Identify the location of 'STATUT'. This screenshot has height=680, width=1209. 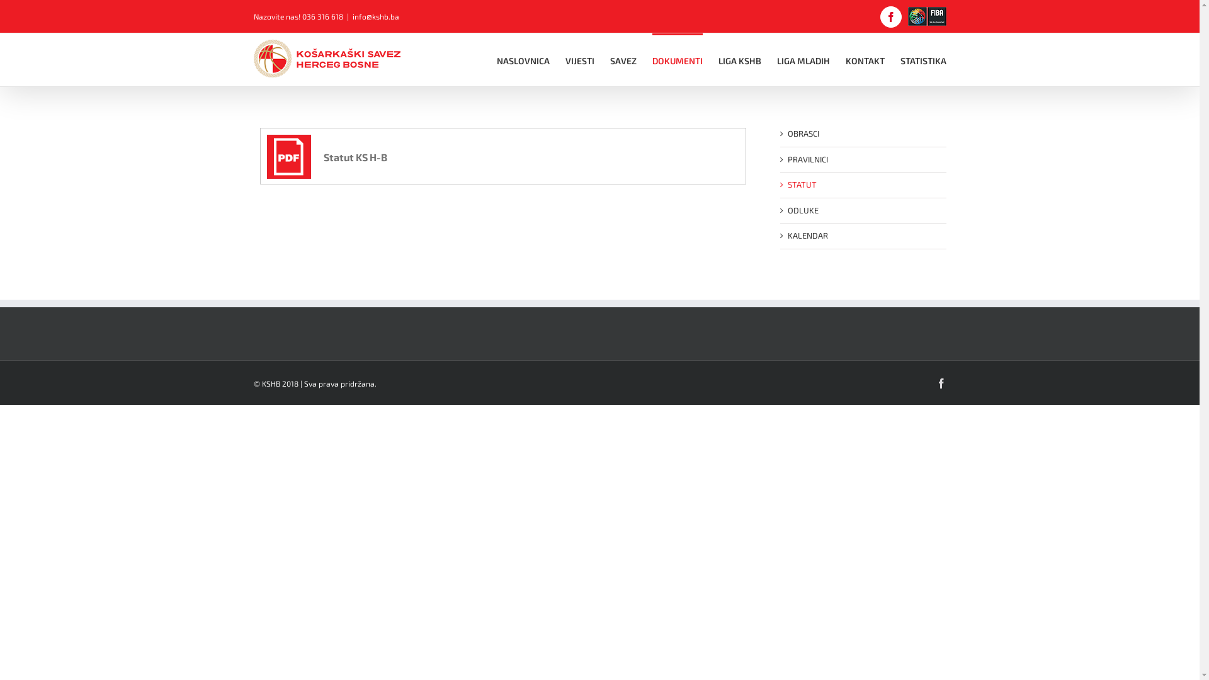
(800, 184).